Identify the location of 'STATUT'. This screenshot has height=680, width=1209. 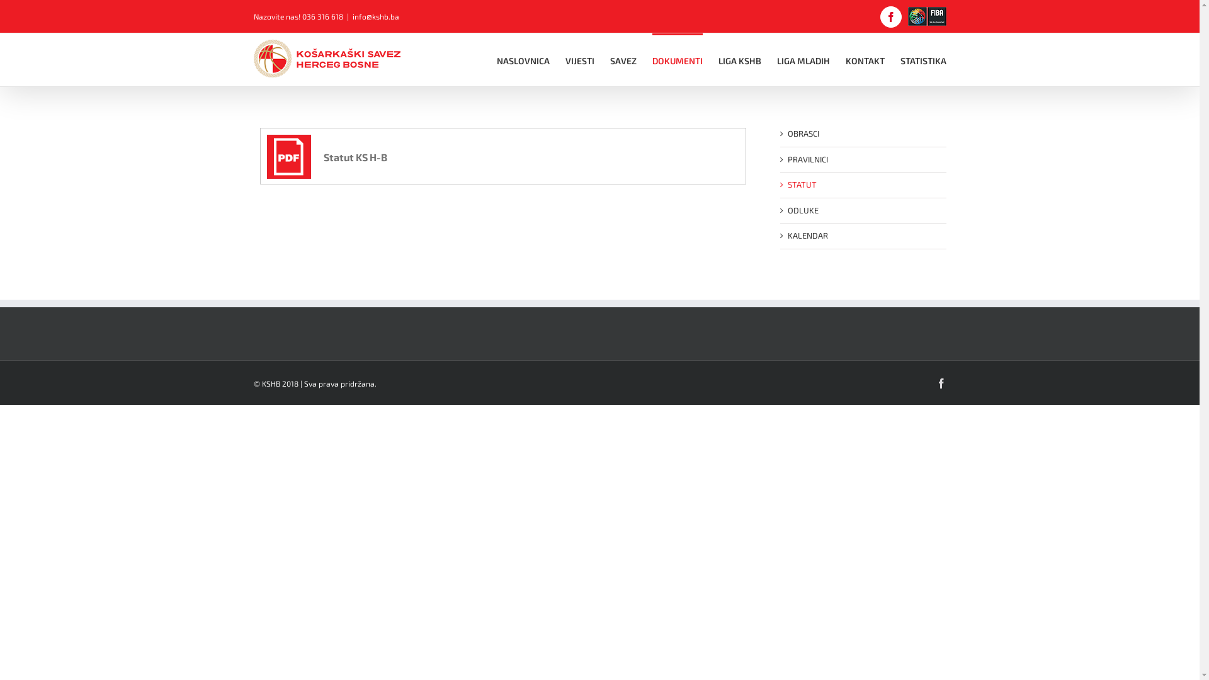
(800, 184).